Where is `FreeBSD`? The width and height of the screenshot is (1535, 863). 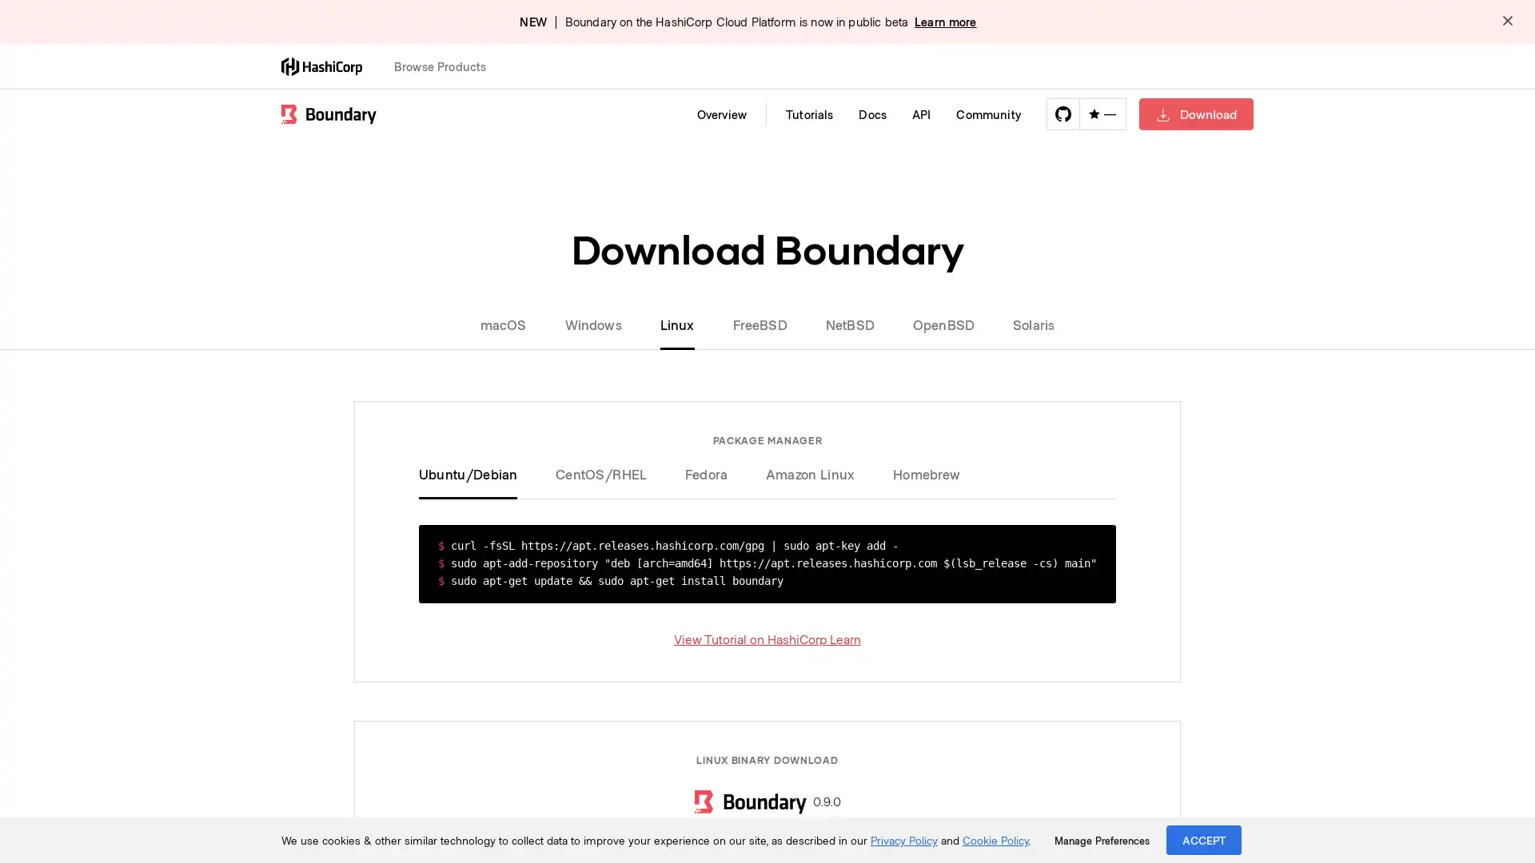
FreeBSD is located at coordinates (759, 324).